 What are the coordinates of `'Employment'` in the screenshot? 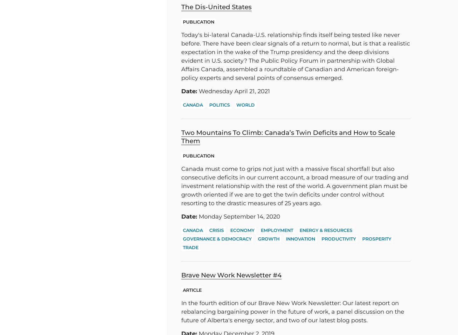 It's located at (277, 230).